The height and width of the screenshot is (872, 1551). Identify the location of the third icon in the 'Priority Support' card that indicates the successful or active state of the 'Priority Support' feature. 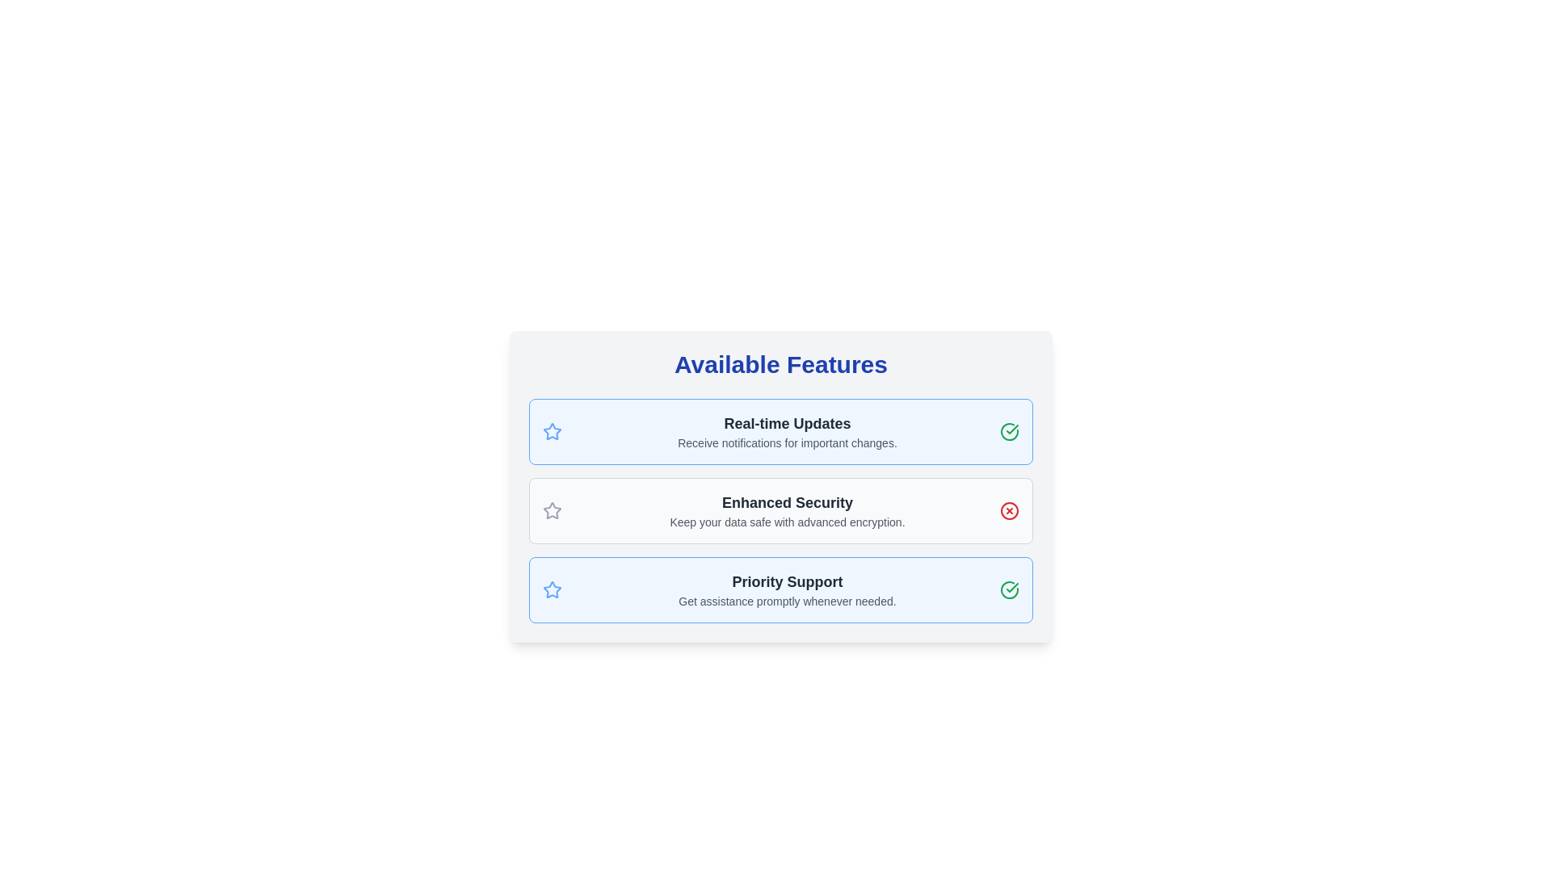
(1008, 590).